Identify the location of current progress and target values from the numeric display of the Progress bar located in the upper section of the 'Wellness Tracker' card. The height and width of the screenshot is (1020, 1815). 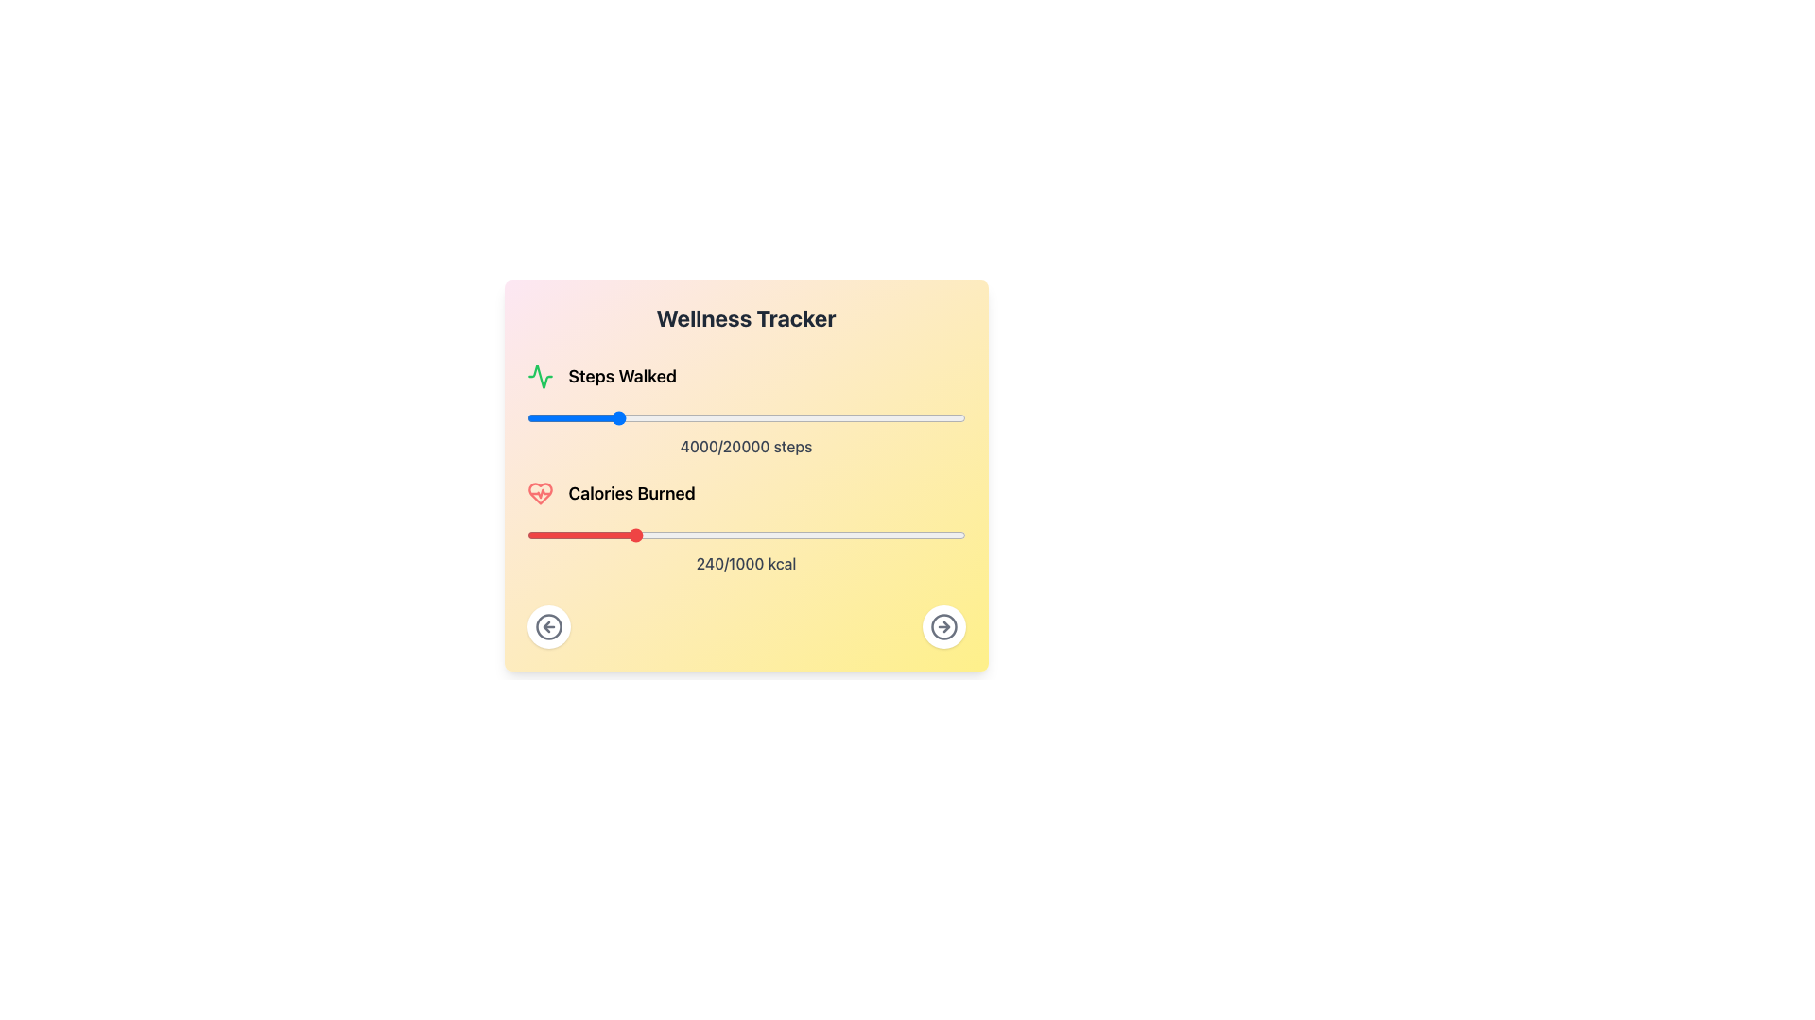
(745, 410).